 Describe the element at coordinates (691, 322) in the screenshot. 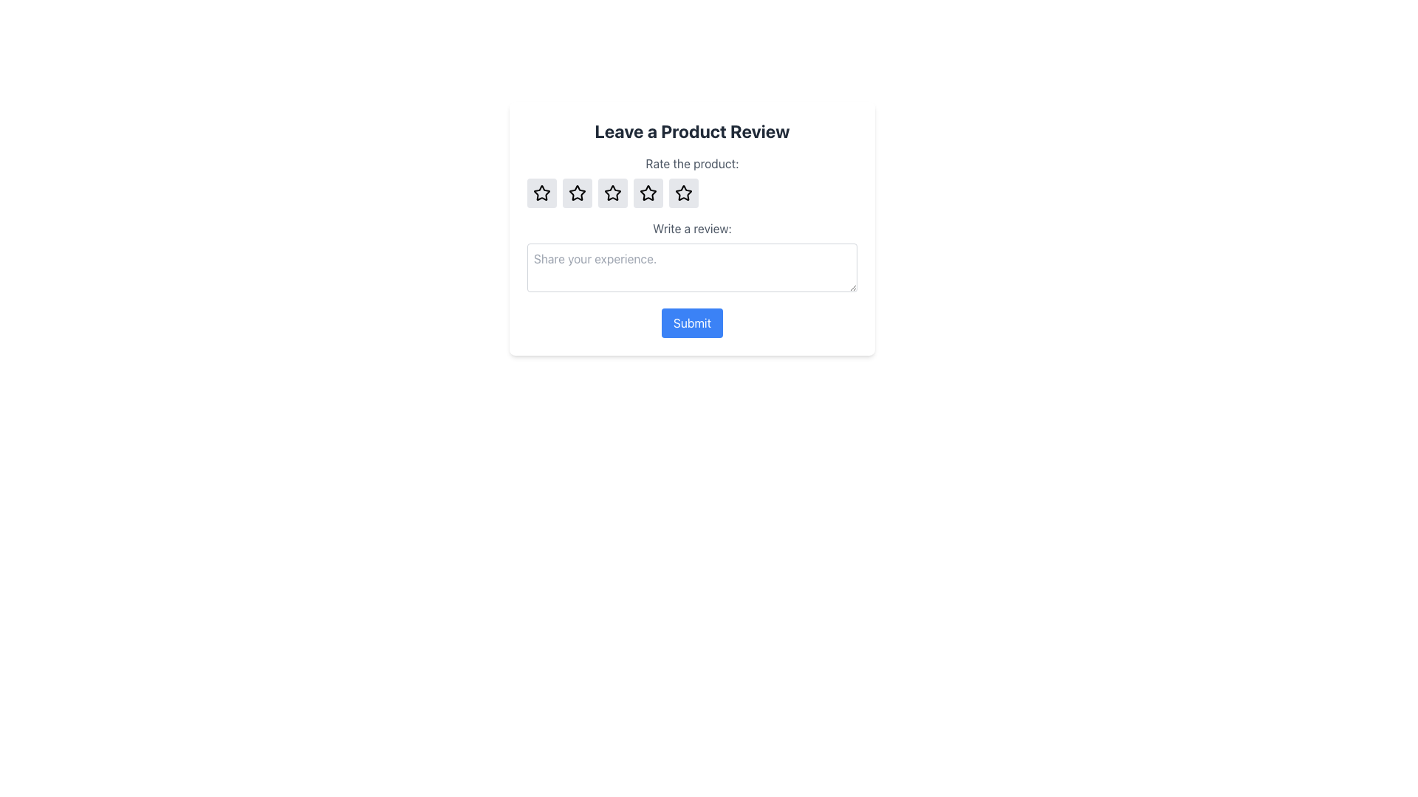

I see `the 'Submit' button with a blue background and white text` at that location.